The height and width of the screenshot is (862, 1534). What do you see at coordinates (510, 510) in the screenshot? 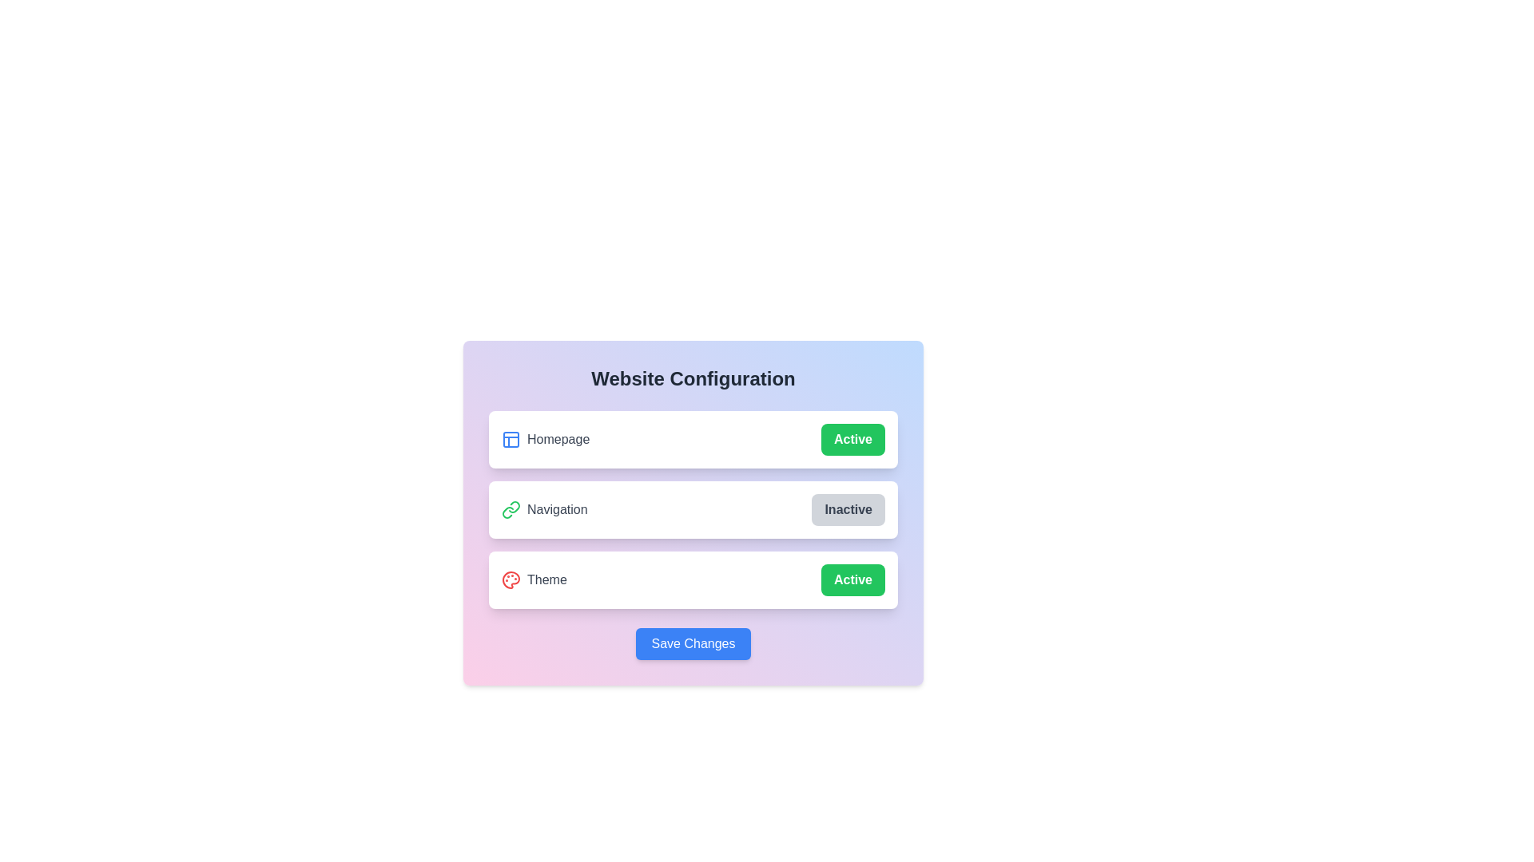
I see `the icon representing Navigation to focus or select it` at bounding box center [510, 510].